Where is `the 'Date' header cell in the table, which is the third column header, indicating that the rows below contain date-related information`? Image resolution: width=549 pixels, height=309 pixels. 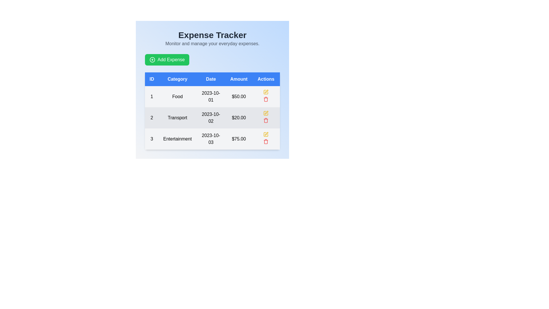 the 'Date' header cell in the table, which is the third column header, indicating that the rows below contain date-related information is located at coordinates (210, 79).